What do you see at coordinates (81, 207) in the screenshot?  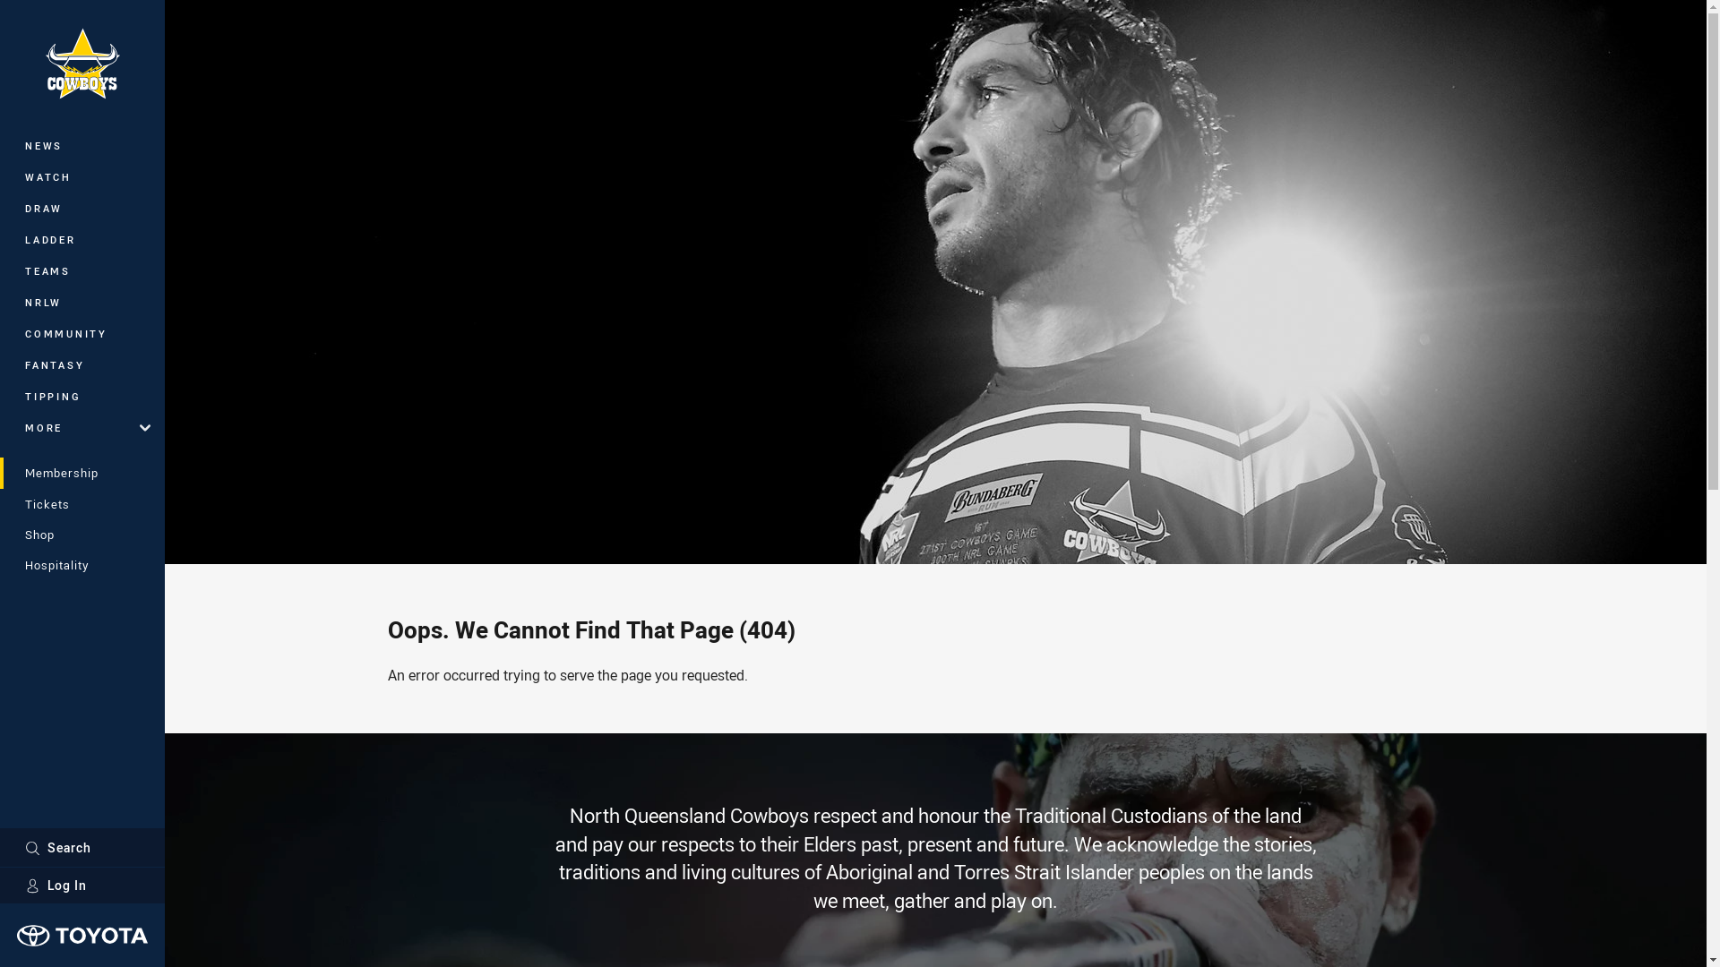 I see `'DRAW'` at bounding box center [81, 207].